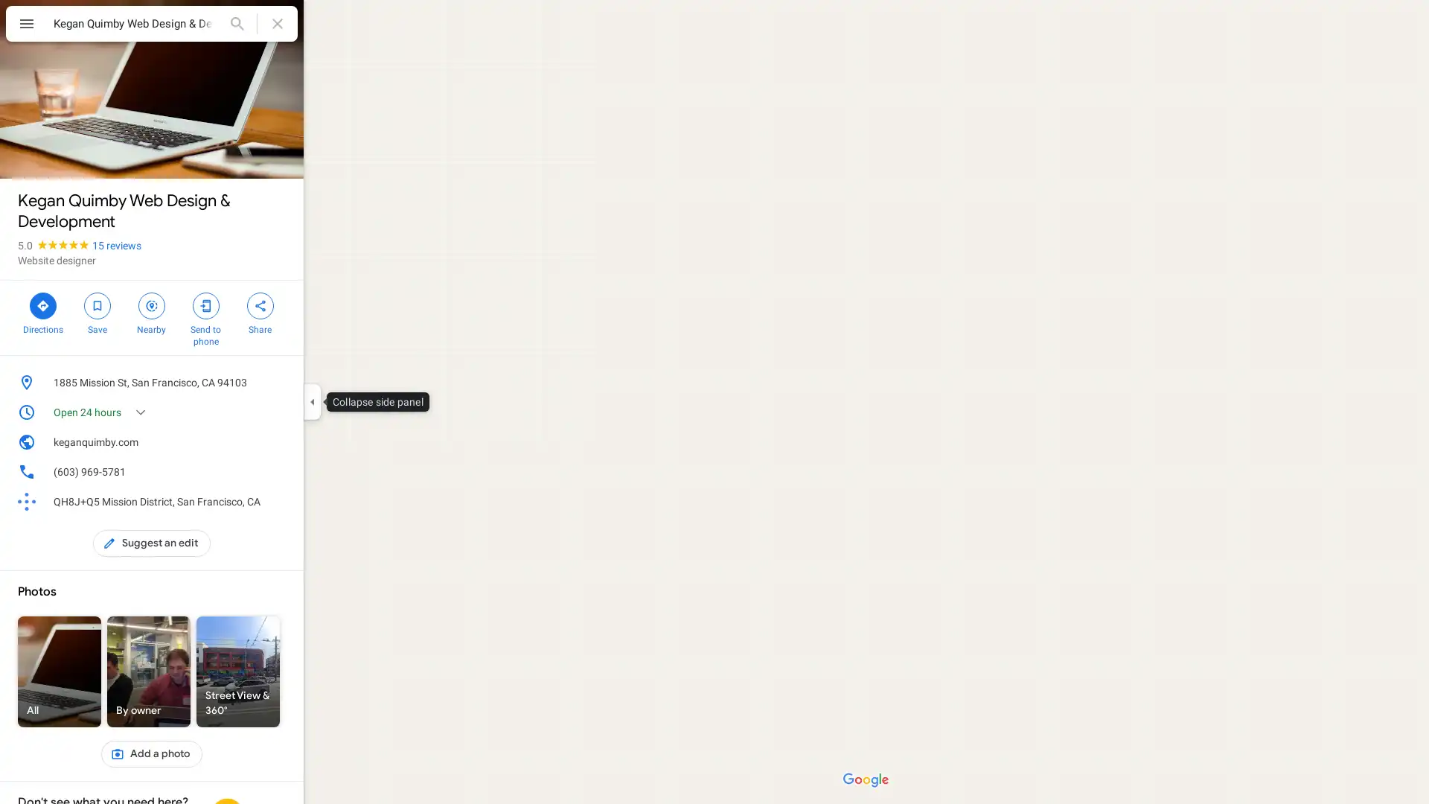  I want to click on Call phone number, so click(278, 471).